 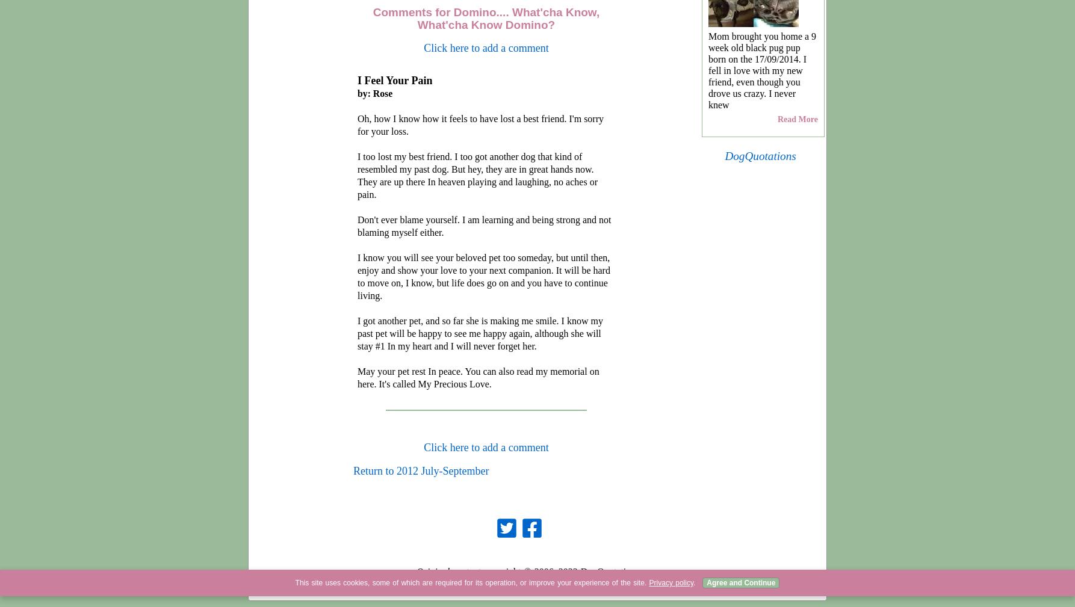 I want to click on 'Agree and Continue', so click(x=740, y=583).